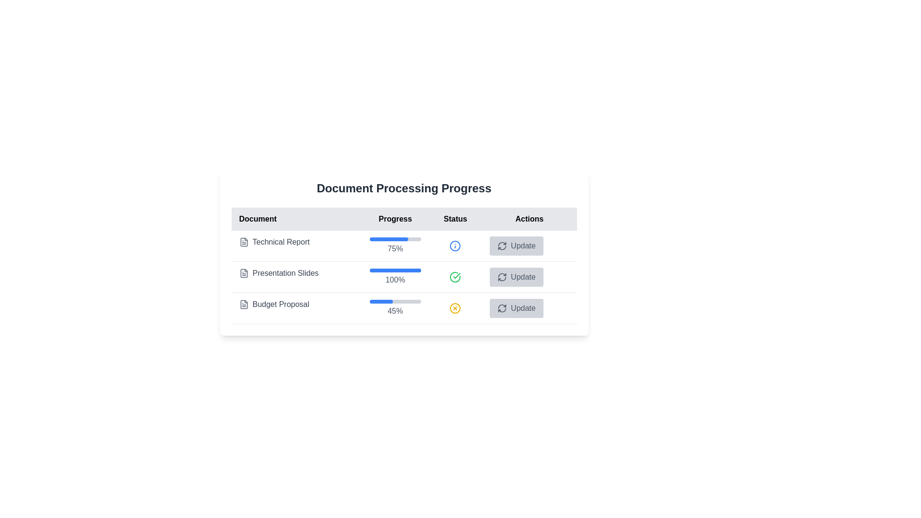 Image resolution: width=921 pixels, height=518 pixels. I want to click on the circular icon with a yellow outline and a yellow 'X' mark in the center located in the 'Status' column of the 'Budget Proposal' row, which is the third icon from the top, so click(455, 308).